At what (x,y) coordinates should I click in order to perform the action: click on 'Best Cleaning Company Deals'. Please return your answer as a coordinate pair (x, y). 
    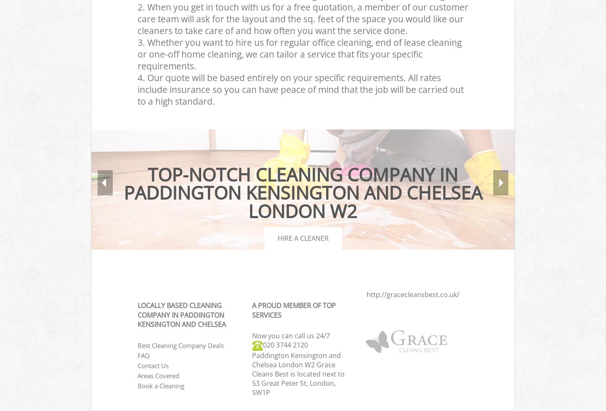
    Looking at the image, I should click on (181, 345).